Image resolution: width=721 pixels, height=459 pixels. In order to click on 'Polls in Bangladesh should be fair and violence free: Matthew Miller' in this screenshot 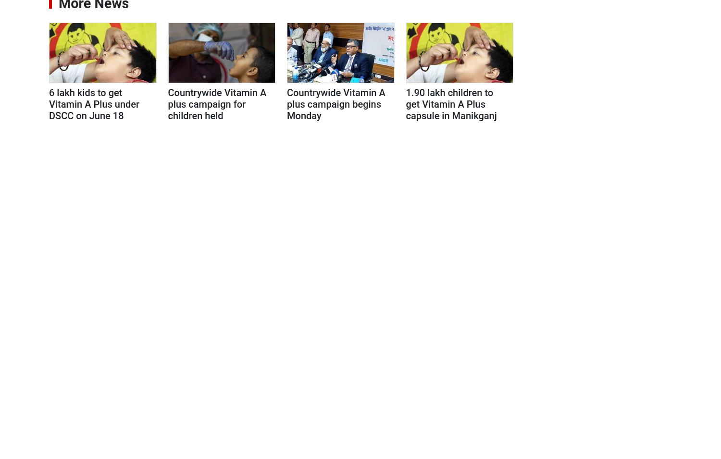, I will do `click(606, 342)`.